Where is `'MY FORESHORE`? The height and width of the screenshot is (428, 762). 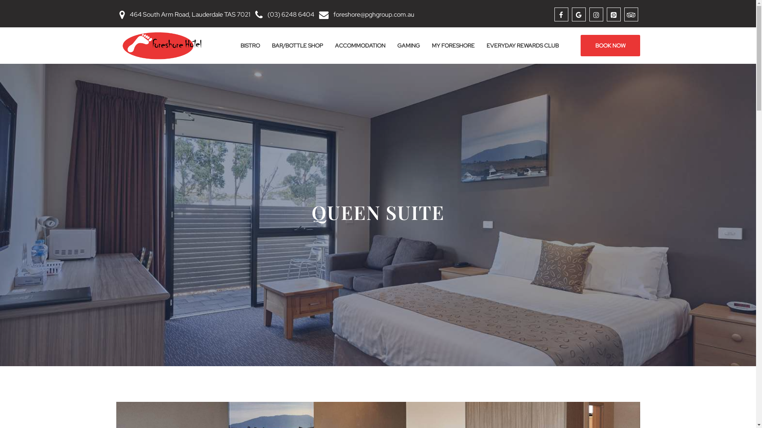
'MY FORESHORE is located at coordinates (425, 46).